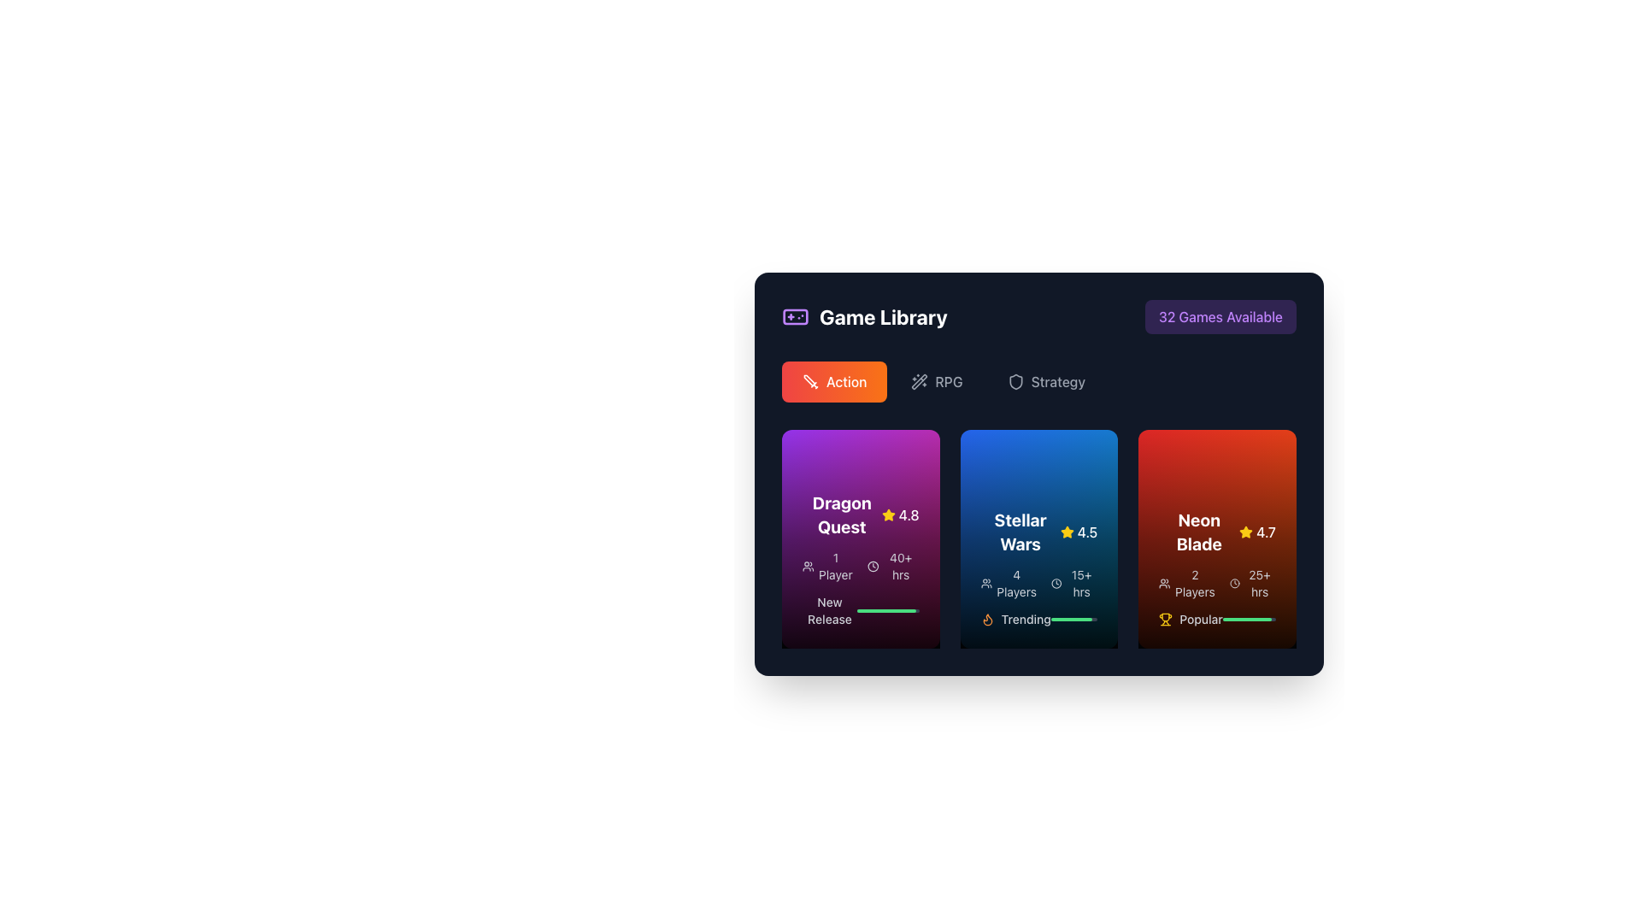 The width and height of the screenshot is (1641, 923). What do you see at coordinates (1045, 381) in the screenshot?
I see `the 'Strategy' button with a shield icon` at bounding box center [1045, 381].